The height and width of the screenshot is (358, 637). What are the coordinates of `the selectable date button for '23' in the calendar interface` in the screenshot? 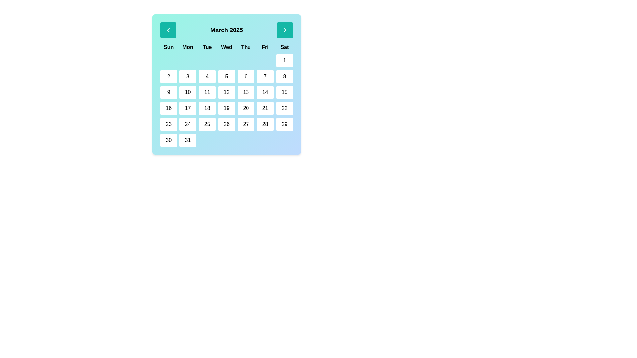 It's located at (169, 124).